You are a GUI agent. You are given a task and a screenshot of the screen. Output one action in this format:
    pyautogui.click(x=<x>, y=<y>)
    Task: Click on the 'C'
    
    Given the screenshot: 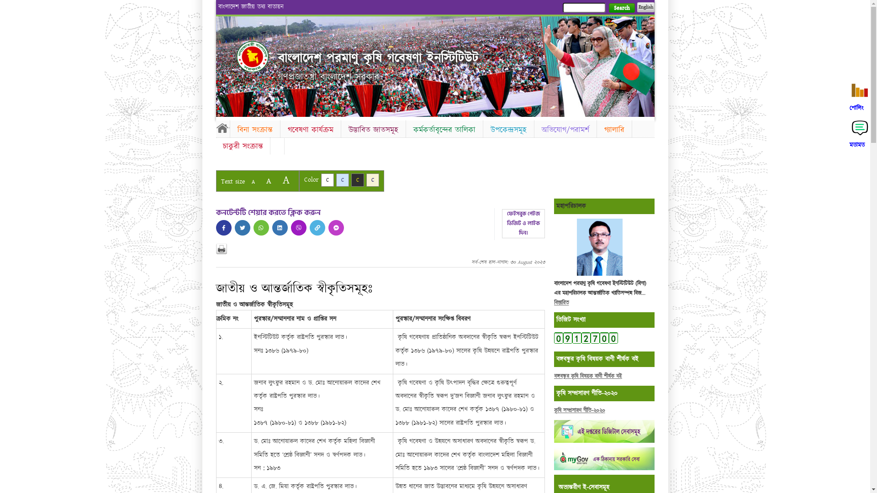 What is the action you would take?
    pyautogui.click(x=327, y=180)
    